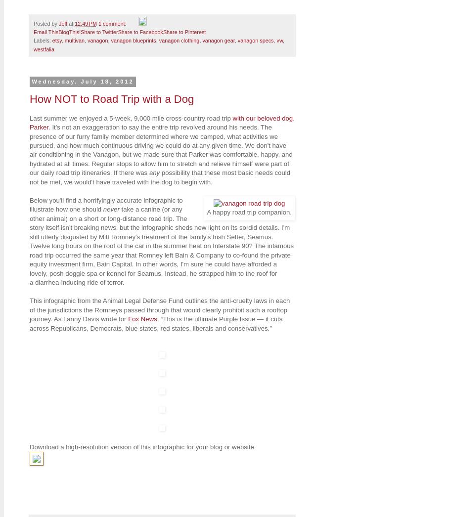 This screenshot has width=449, height=517. Describe the element at coordinates (34, 22) in the screenshot. I see `'Posted by'` at that location.